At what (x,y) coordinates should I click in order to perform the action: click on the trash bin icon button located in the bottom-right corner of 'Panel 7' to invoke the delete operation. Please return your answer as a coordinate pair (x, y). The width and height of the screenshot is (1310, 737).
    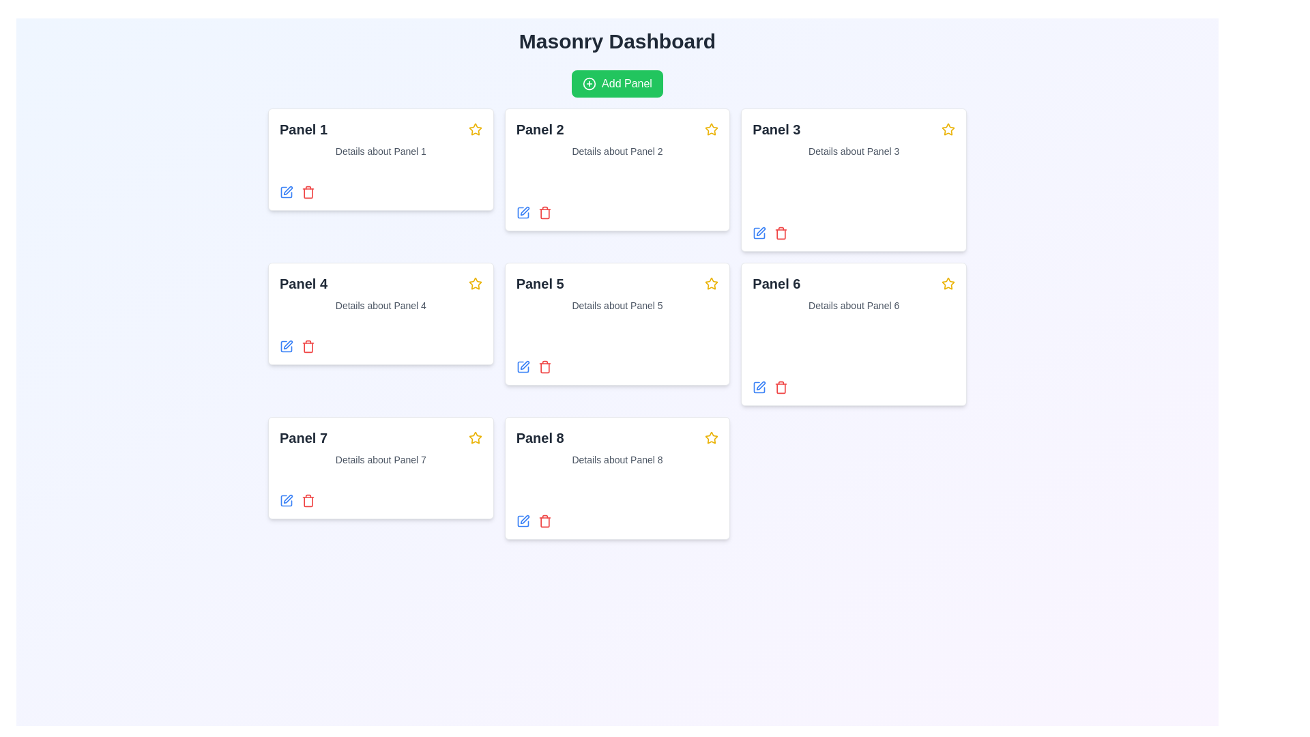
    Looking at the image, I should click on (307, 500).